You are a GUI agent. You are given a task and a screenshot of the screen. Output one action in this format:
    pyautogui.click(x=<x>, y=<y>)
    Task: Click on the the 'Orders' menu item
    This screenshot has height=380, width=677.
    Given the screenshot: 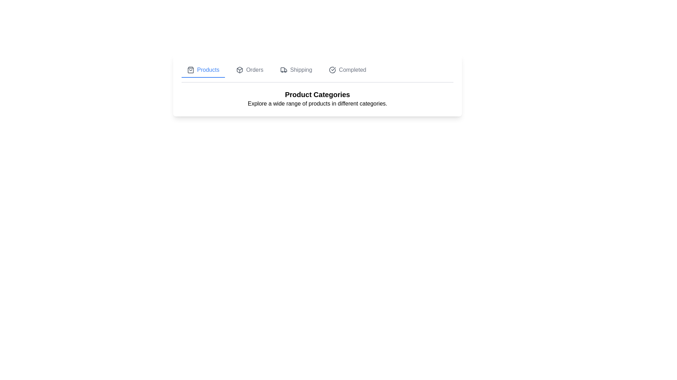 What is the action you would take?
    pyautogui.click(x=250, y=70)
    